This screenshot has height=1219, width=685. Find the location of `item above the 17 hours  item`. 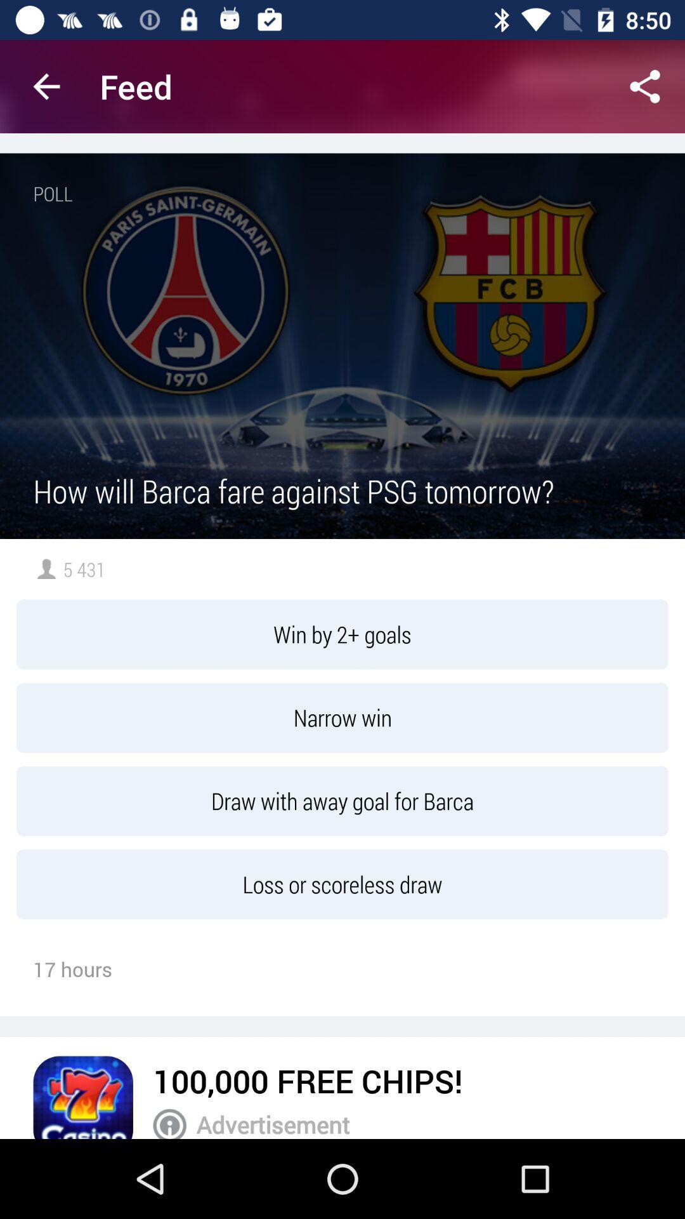

item above the 17 hours  item is located at coordinates (342, 884).